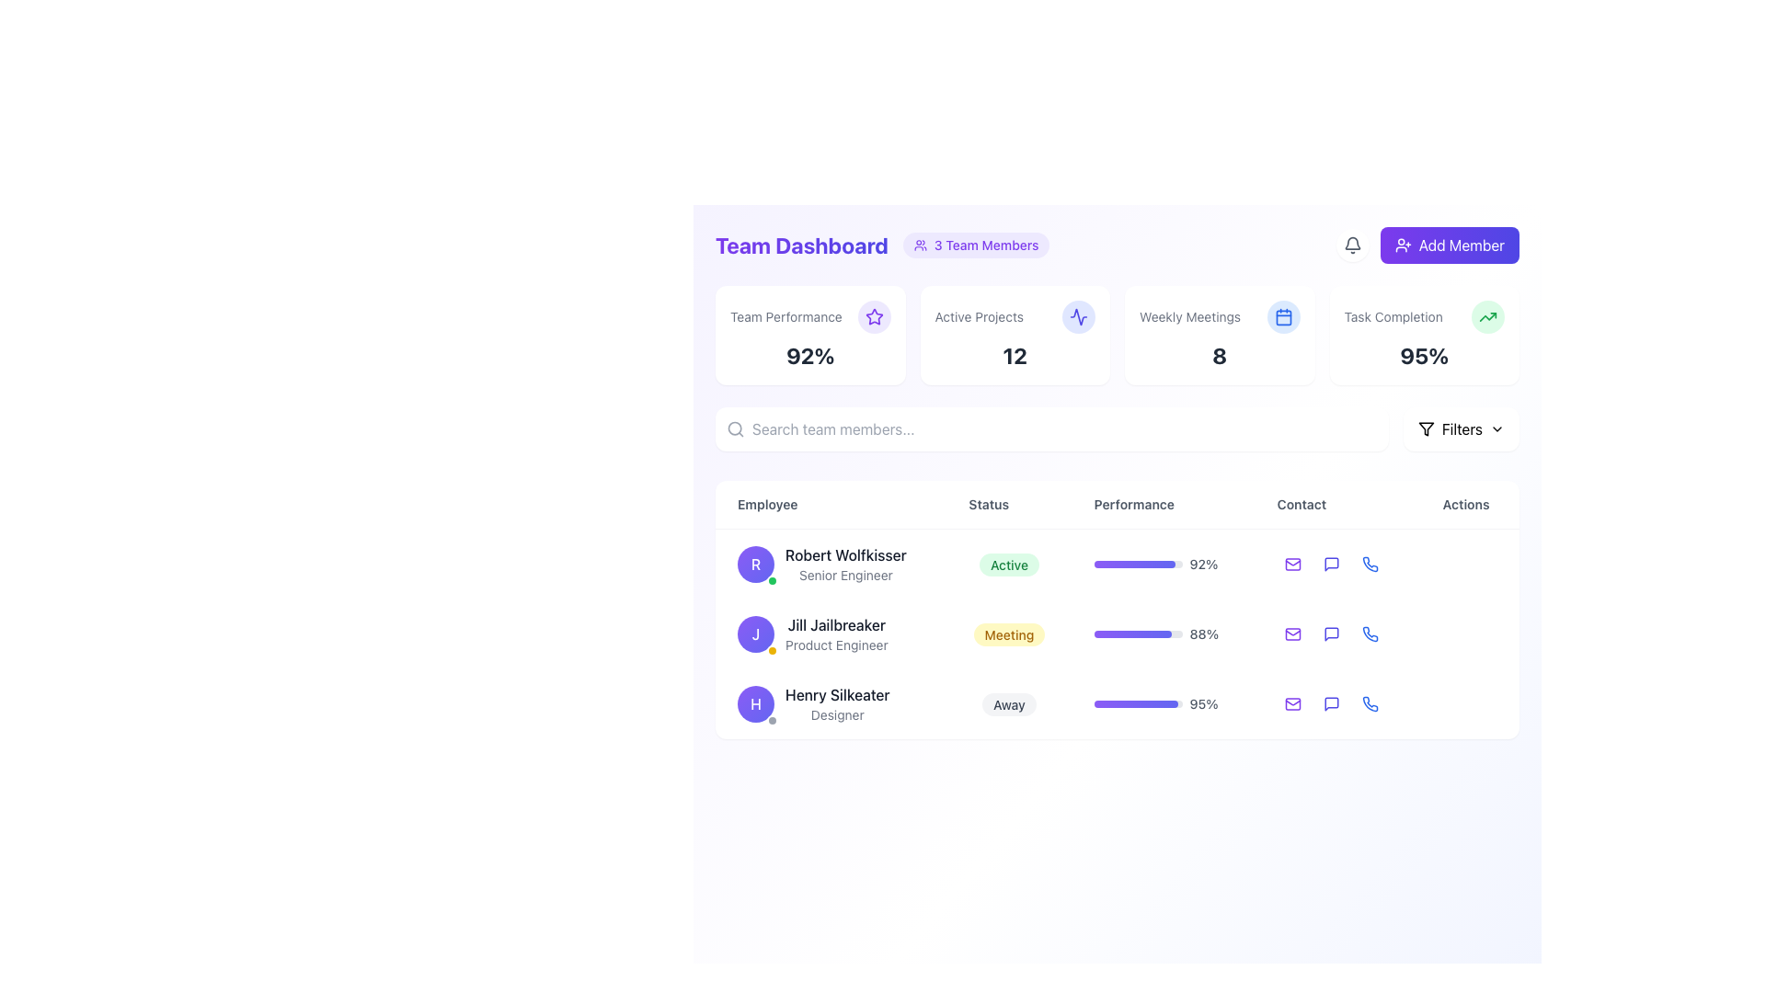 Image resolution: width=1766 pixels, height=993 pixels. What do you see at coordinates (1204, 703) in the screenshot?
I see `percentage value displayed in the text element located in the 'Performance' column of the last row (Henry Silkeater) in the employee data table, which is situated to the right of the progress bar indicator` at bounding box center [1204, 703].